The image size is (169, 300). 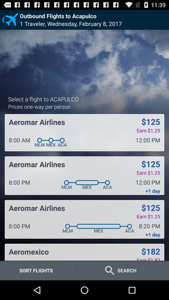 What do you see at coordinates (36, 270) in the screenshot?
I see `the item below the aeromexico` at bounding box center [36, 270].